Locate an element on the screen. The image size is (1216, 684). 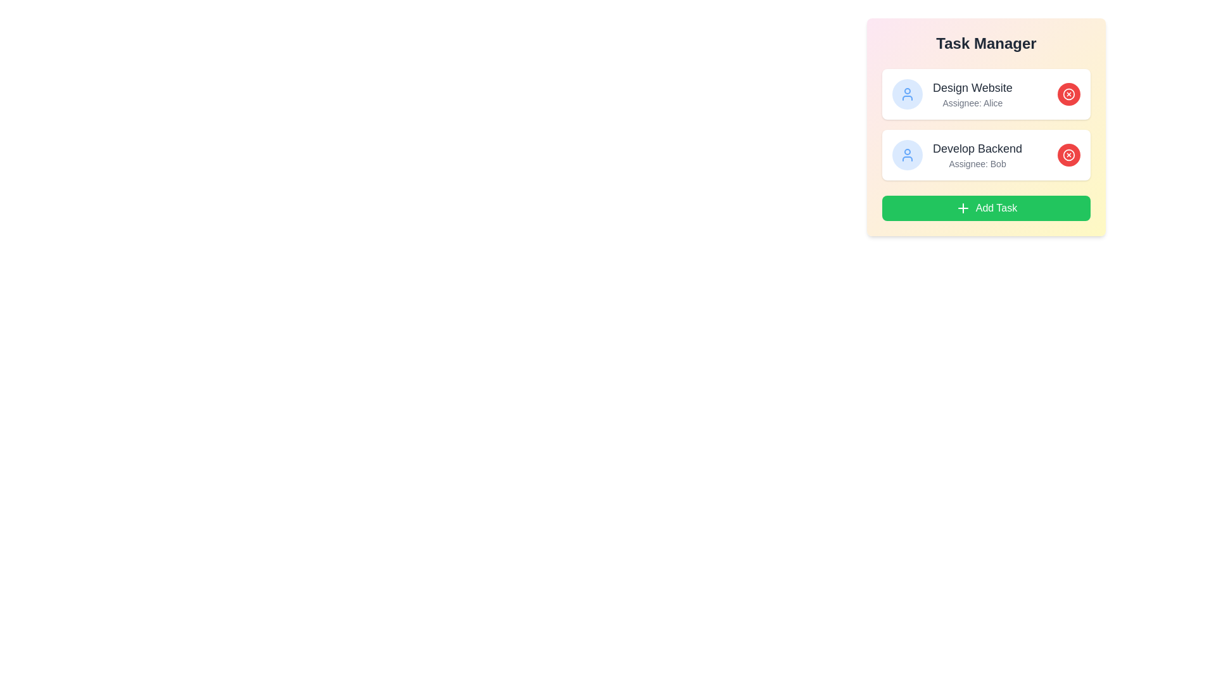
the circular red button with a white 'X' icon located in the top-right corner of the 'Design Website, Assignee: Alice' task card is located at coordinates (1068, 94).